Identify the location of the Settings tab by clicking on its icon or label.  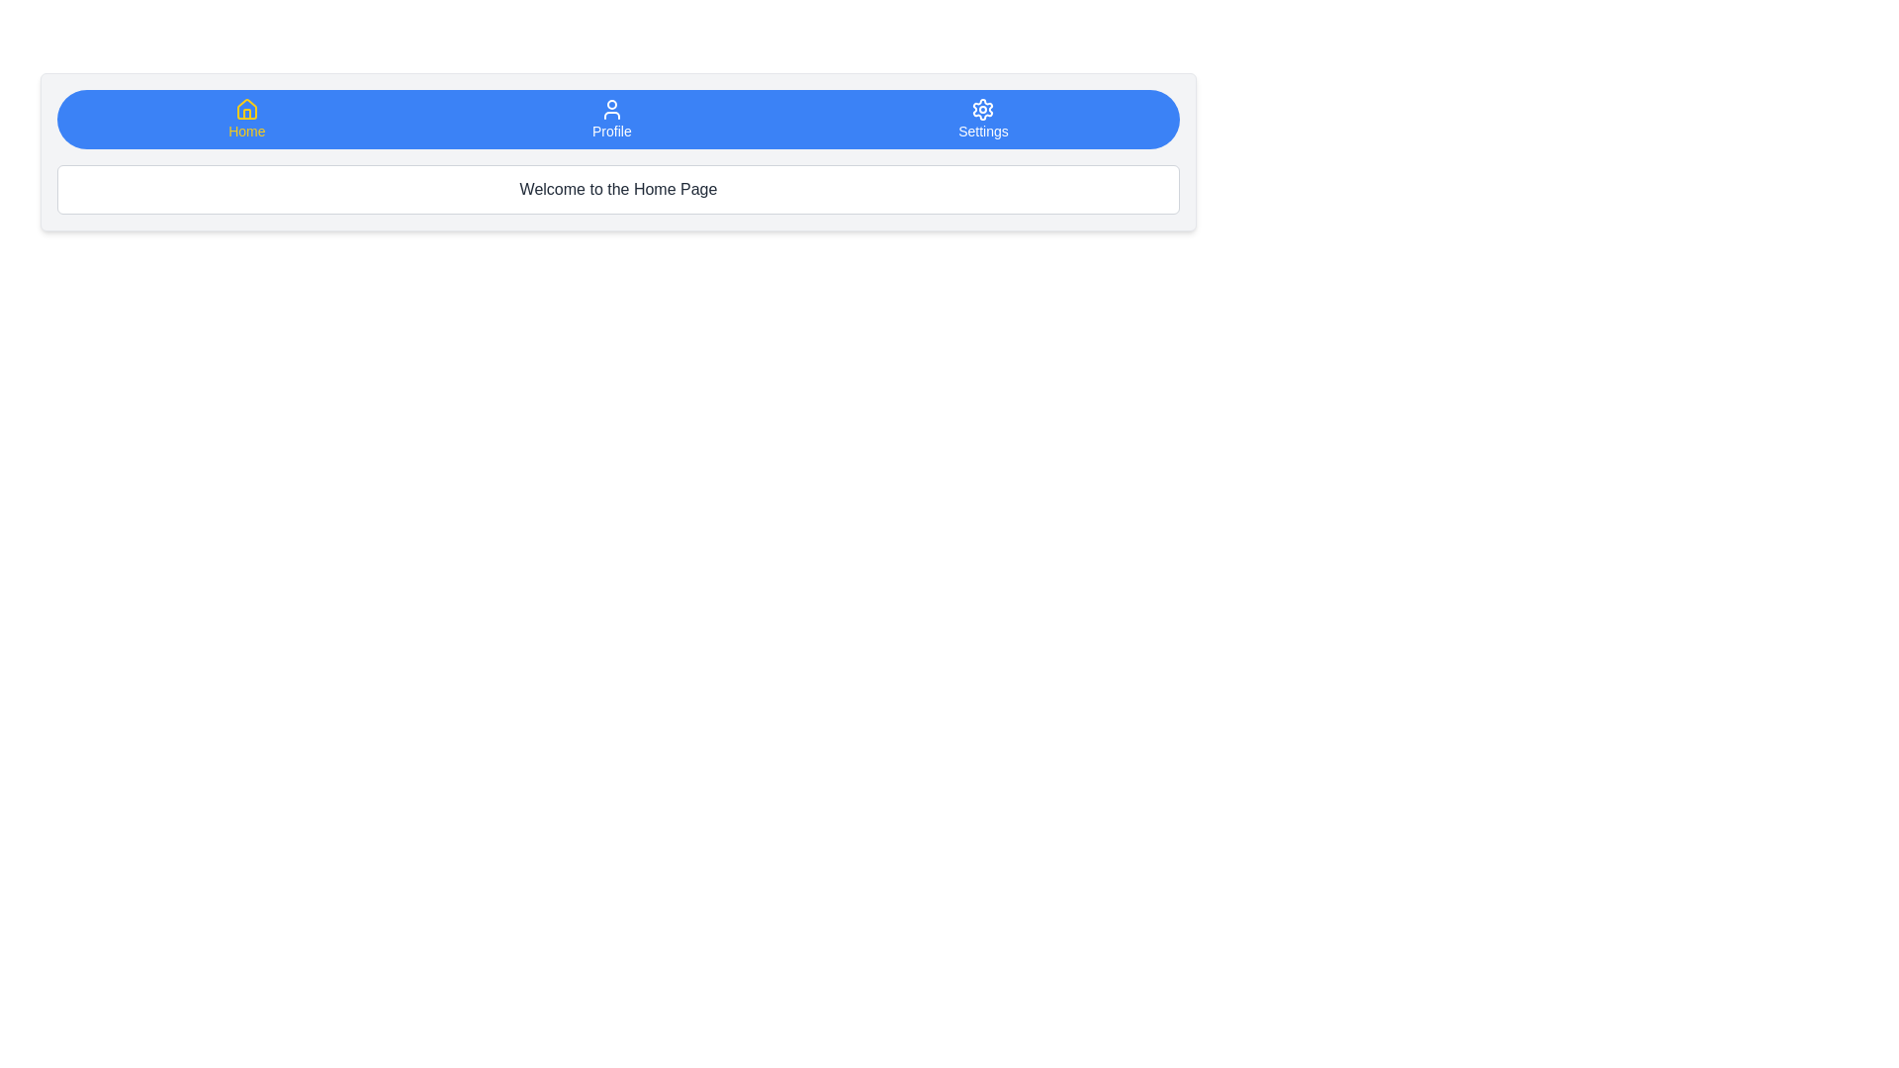
(982, 119).